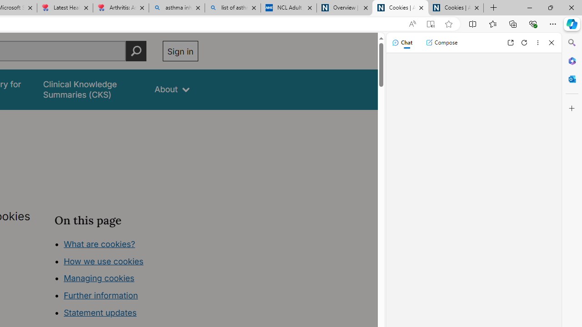 This screenshot has height=327, width=582. What do you see at coordinates (442, 42) in the screenshot?
I see `'Compose'` at bounding box center [442, 42].